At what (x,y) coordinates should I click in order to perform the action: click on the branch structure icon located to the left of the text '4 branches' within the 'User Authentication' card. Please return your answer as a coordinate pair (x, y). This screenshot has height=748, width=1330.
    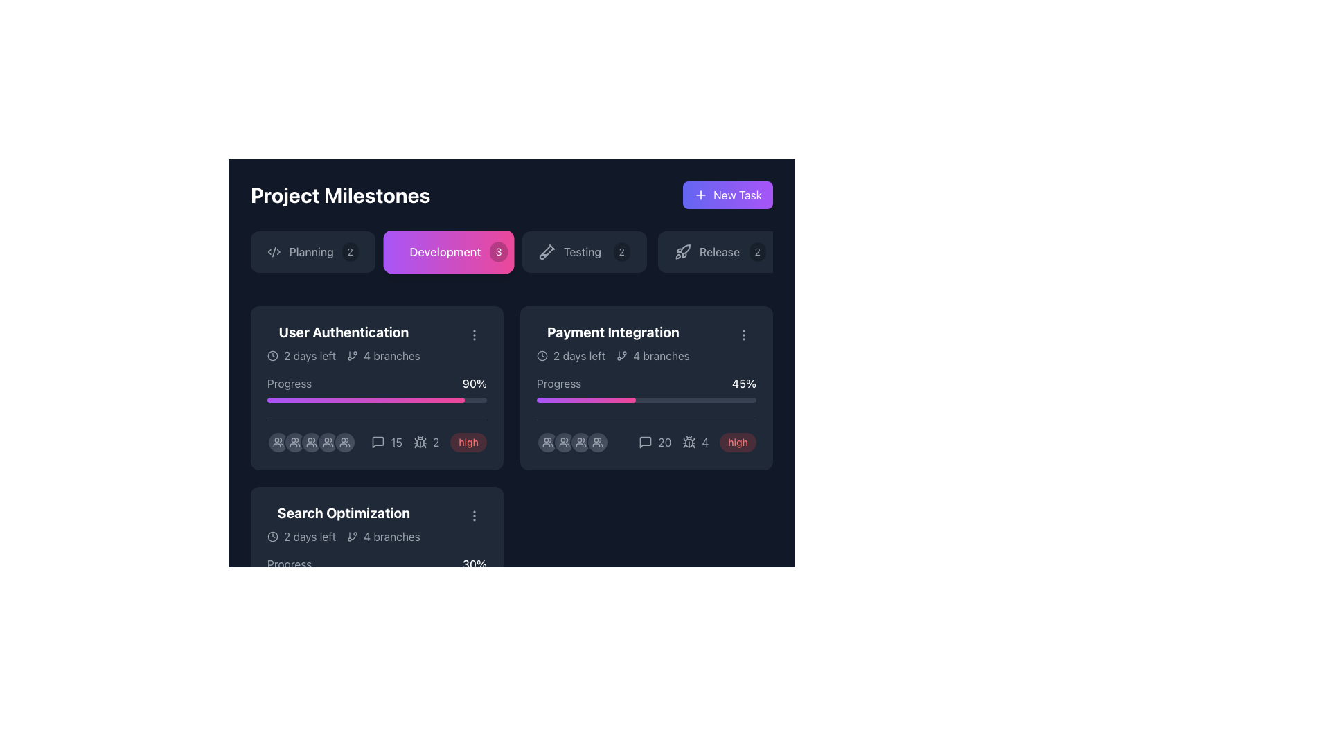
    Looking at the image, I should click on (353, 536).